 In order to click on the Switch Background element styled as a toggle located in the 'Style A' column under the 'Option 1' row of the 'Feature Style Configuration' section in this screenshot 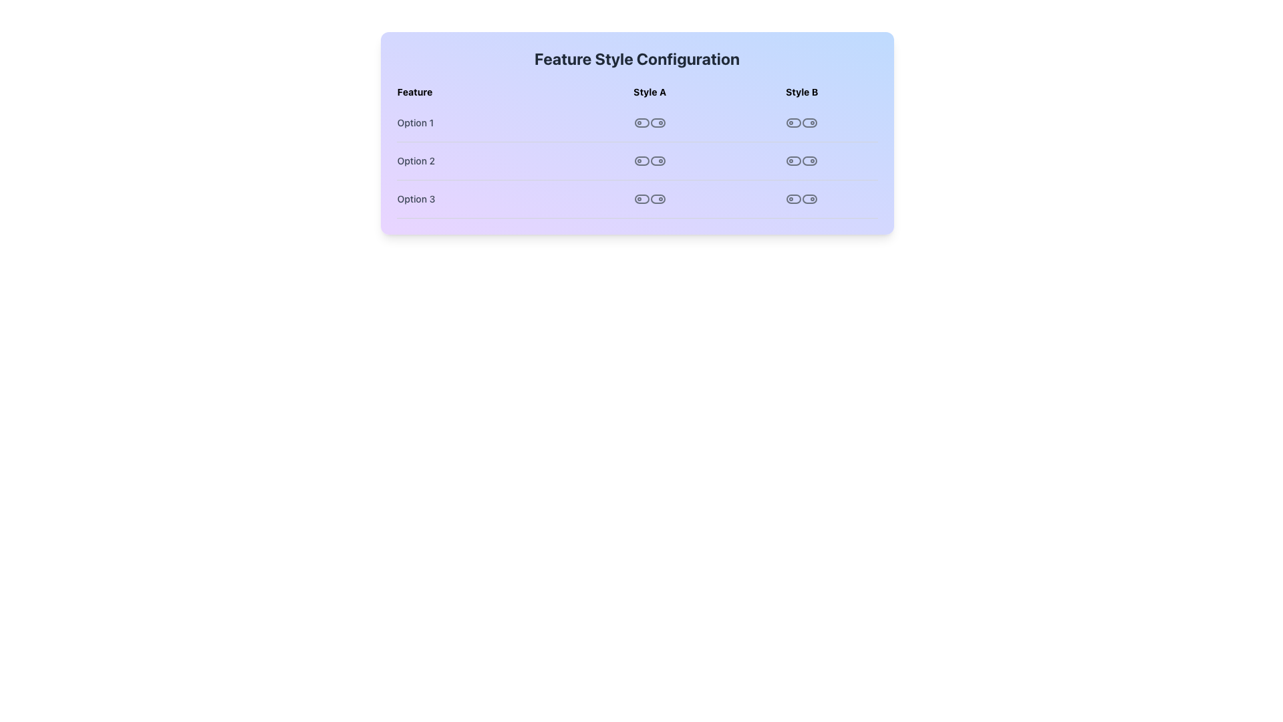, I will do `click(641, 123)`.